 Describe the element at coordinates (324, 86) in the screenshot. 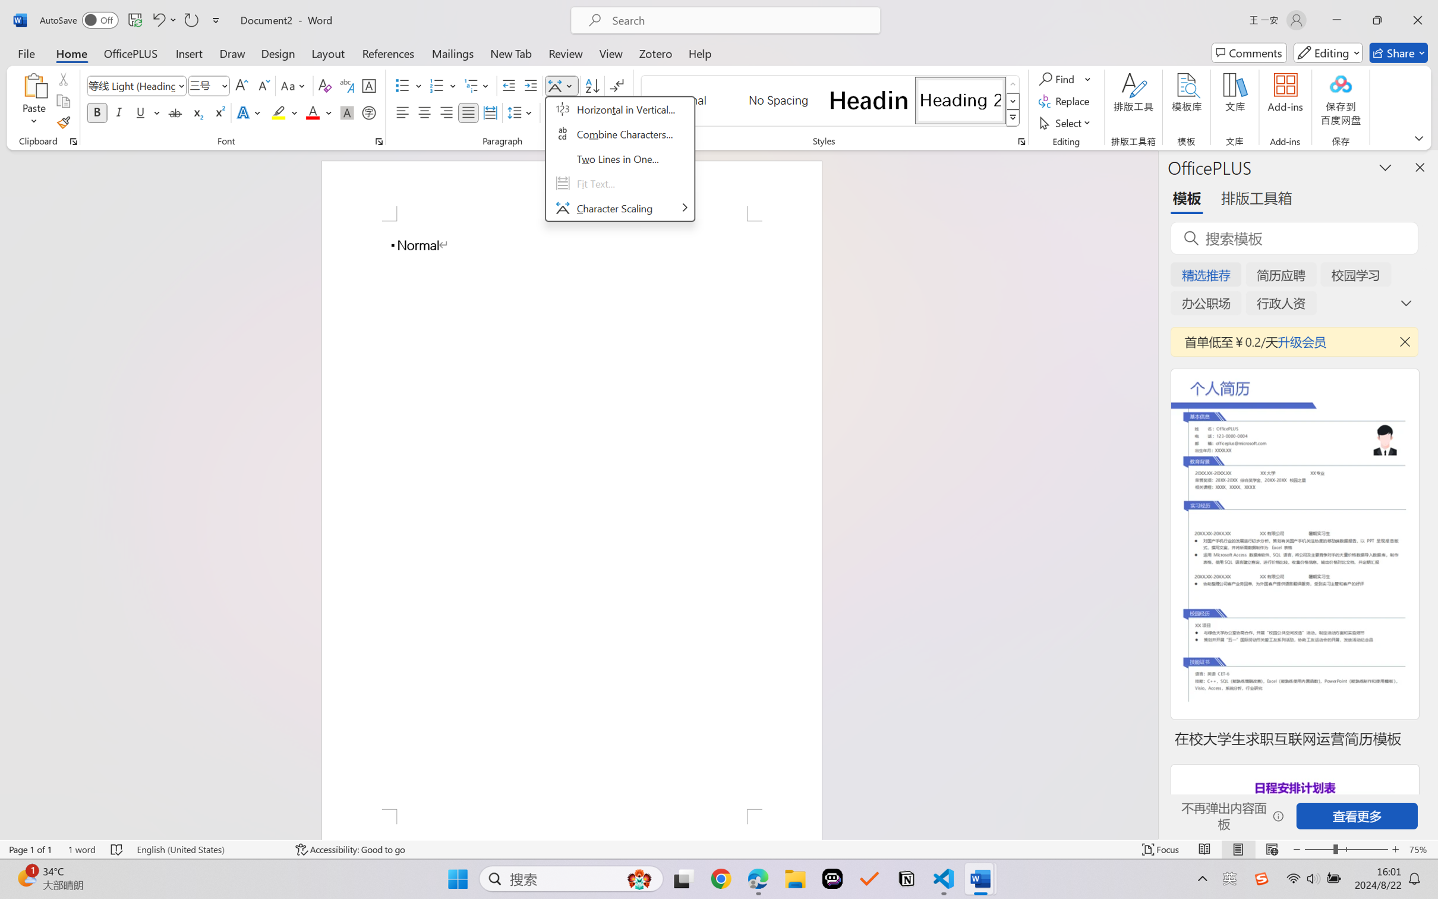

I see `'Clear Formatting'` at that location.